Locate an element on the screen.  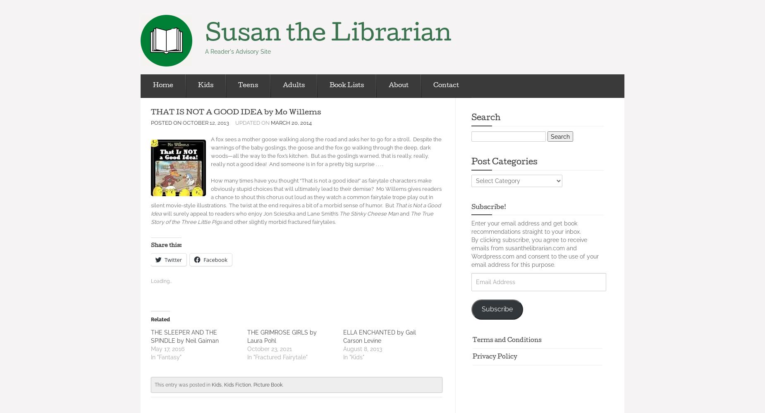
'Subscribe' is located at coordinates (496, 309).